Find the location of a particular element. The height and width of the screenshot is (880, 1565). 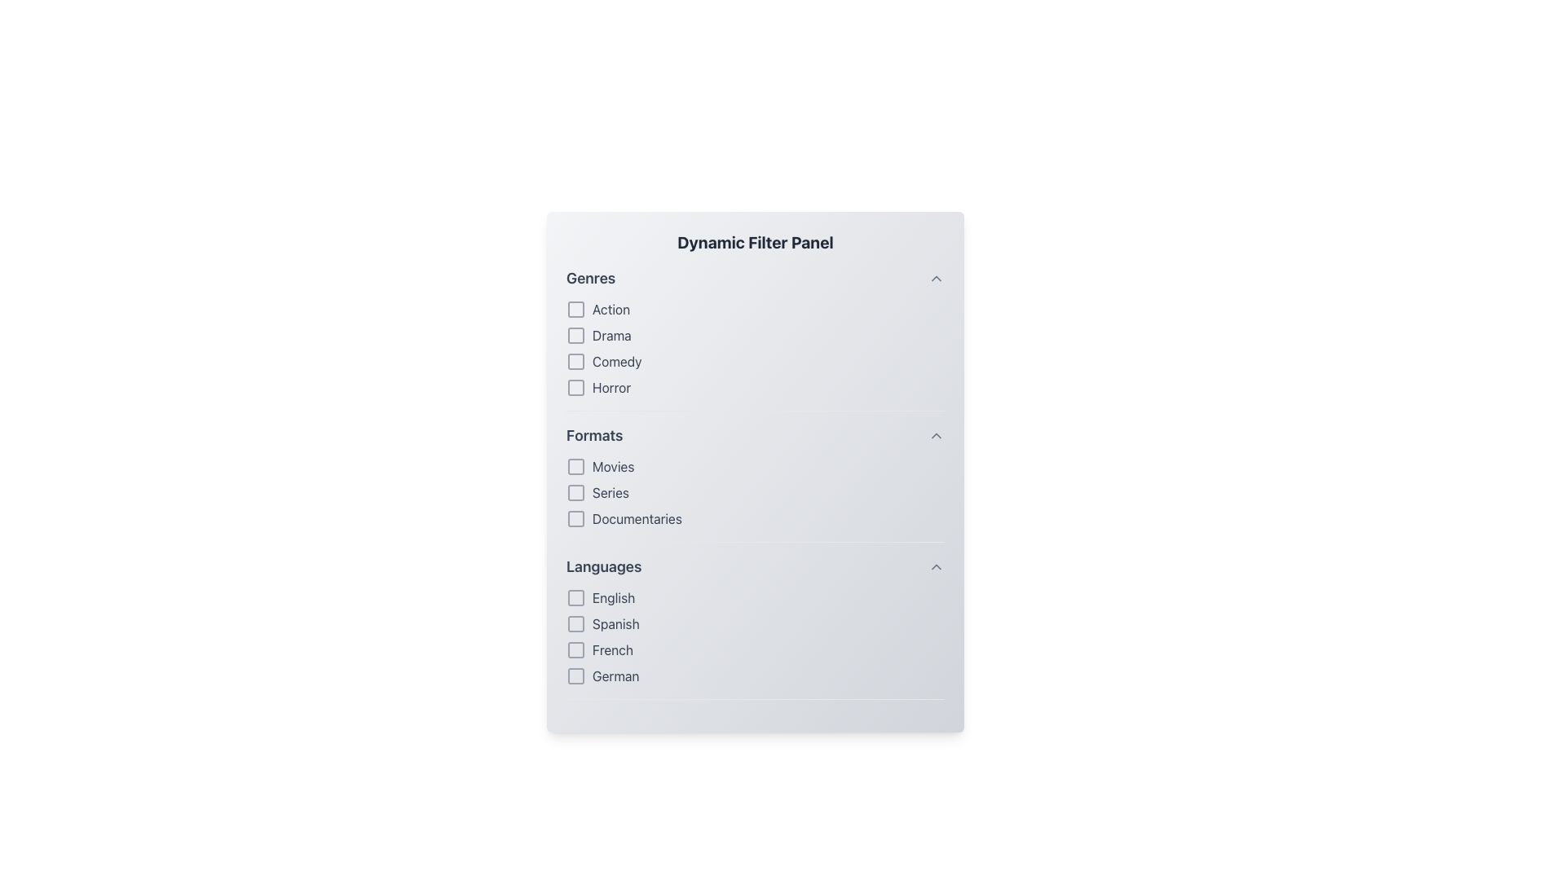

'Documentaries' text label styled in gray within the 'Formats' section of the filter panel is located at coordinates (637, 518).